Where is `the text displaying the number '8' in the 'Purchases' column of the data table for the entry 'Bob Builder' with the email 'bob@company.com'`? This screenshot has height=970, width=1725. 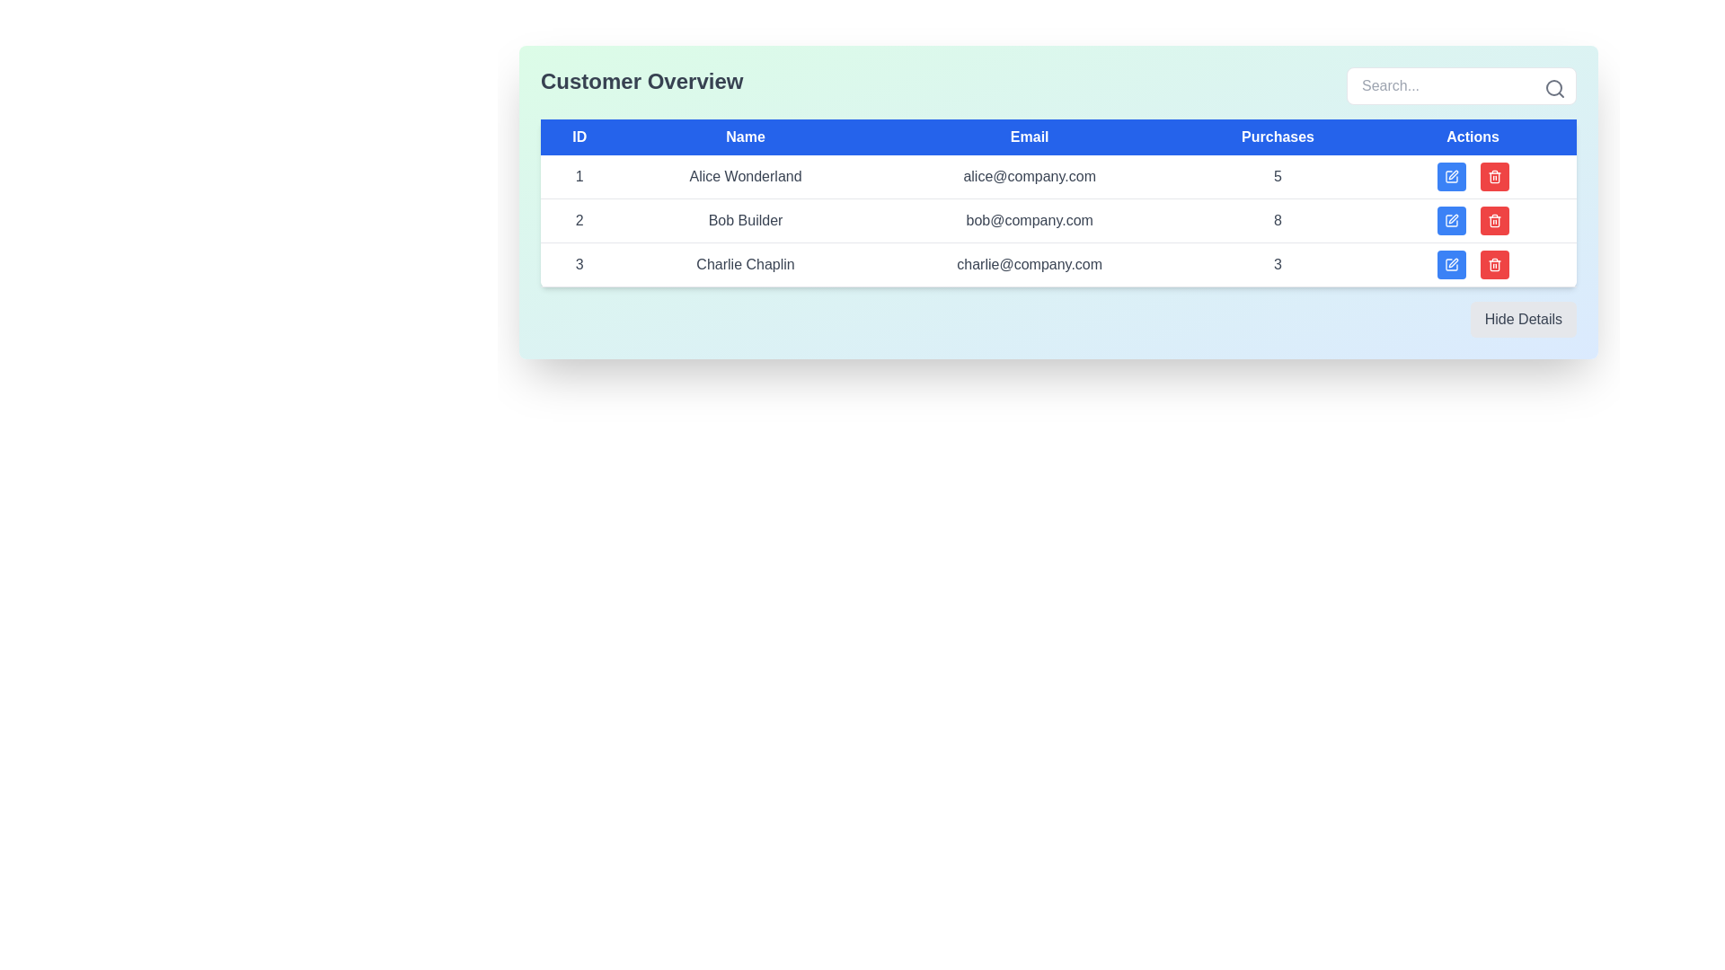
the text displaying the number '8' in the 'Purchases' column of the data table for the entry 'Bob Builder' with the email 'bob@company.com' is located at coordinates (1277, 220).